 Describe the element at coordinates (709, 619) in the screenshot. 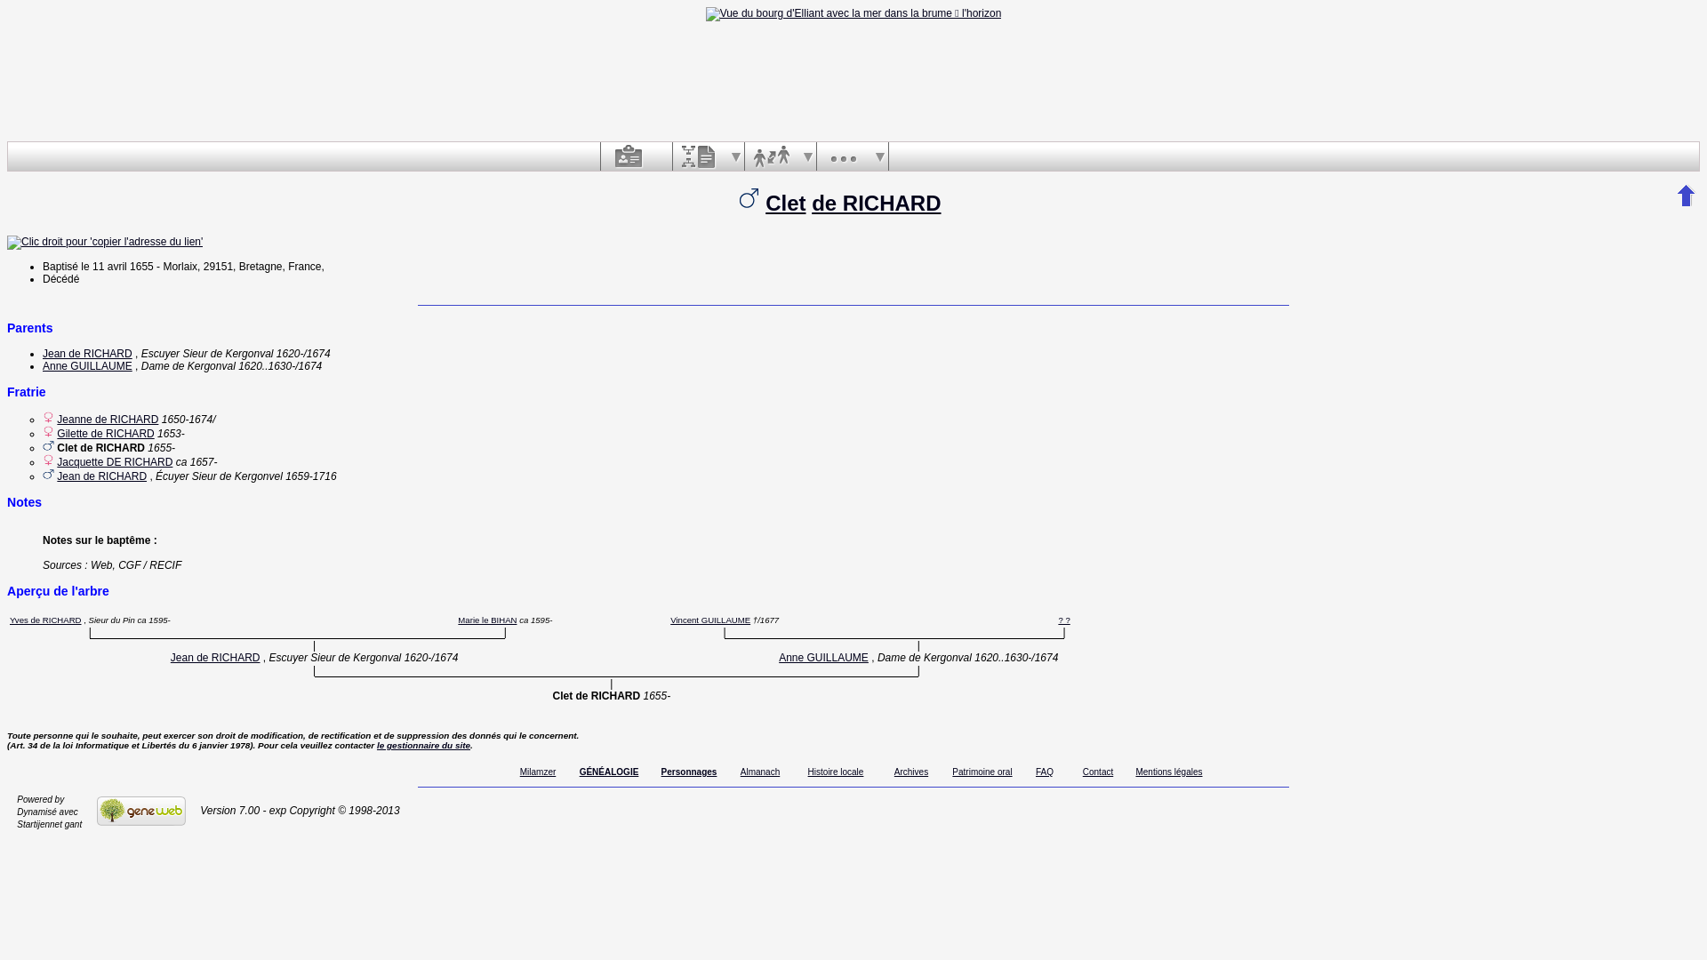

I see `'Vincent GUILLAUME'` at that location.